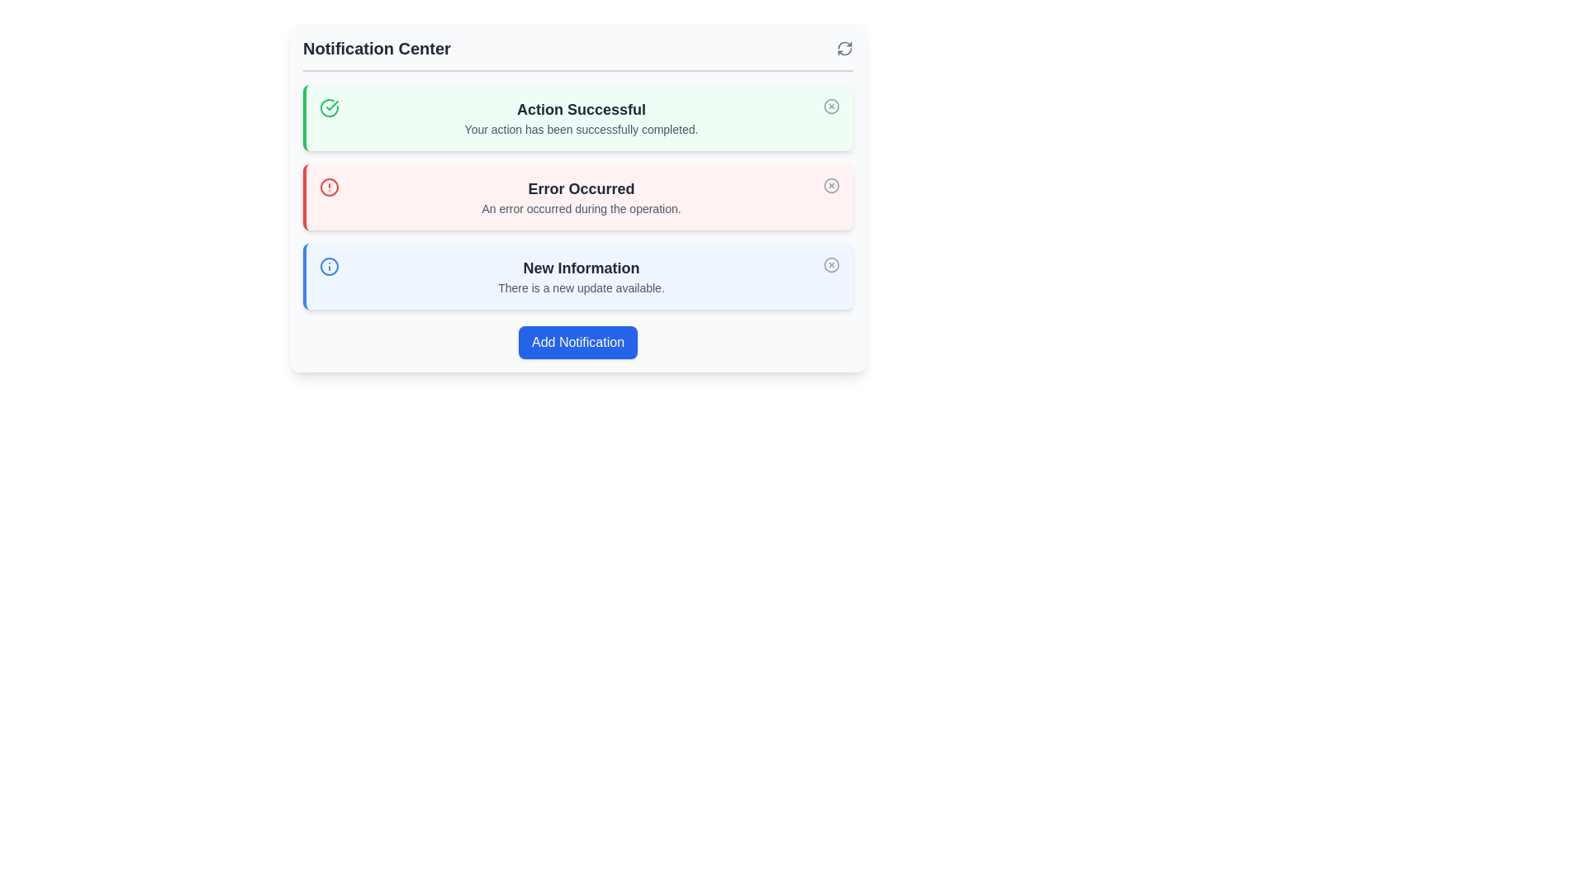 The width and height of the screenshot is (1586, 892). Describe the element at coordinates (832, 263) in the screenshot. I see `the small gray circle button with an 'X' mark located in the top-right corner of the bottommost notification card` at that location.